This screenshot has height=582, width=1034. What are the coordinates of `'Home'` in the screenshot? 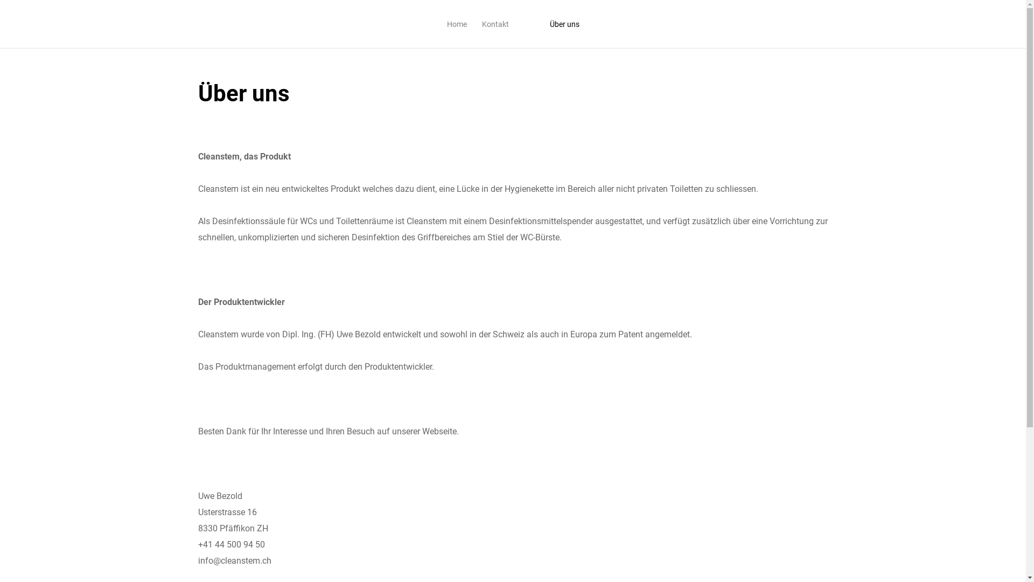 It's located at (457, 24).